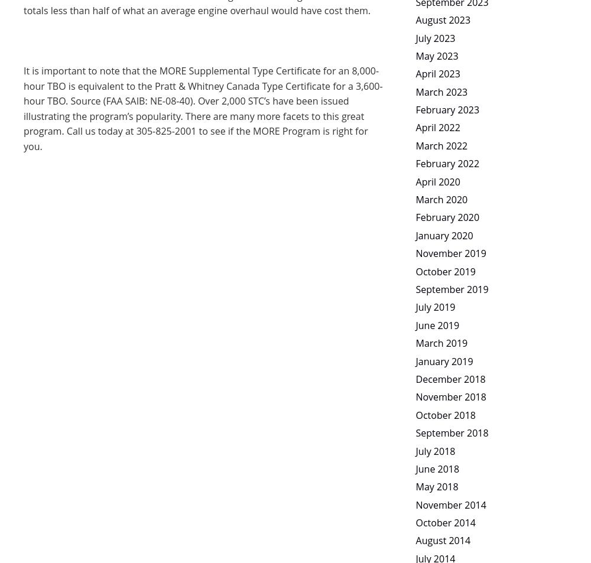 This screenshot has height=563, width=591. Describe the element at coordinates (445, 414) in the screenshot. I see `'October 2018'` at that location.